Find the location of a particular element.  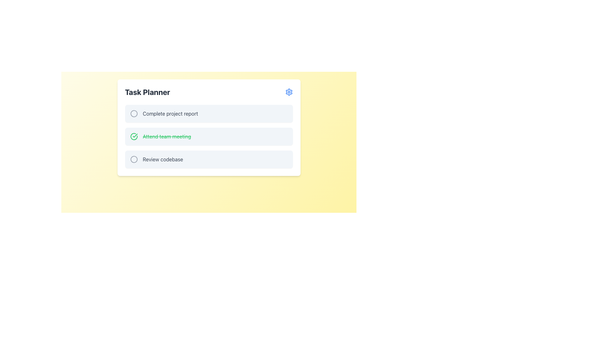

the text label displaying 'Attend team meeting,' which is visually indicated by a strikethrough and green font style, located in the second task row of the Task Planner interface is located at coordinates (167, 136).